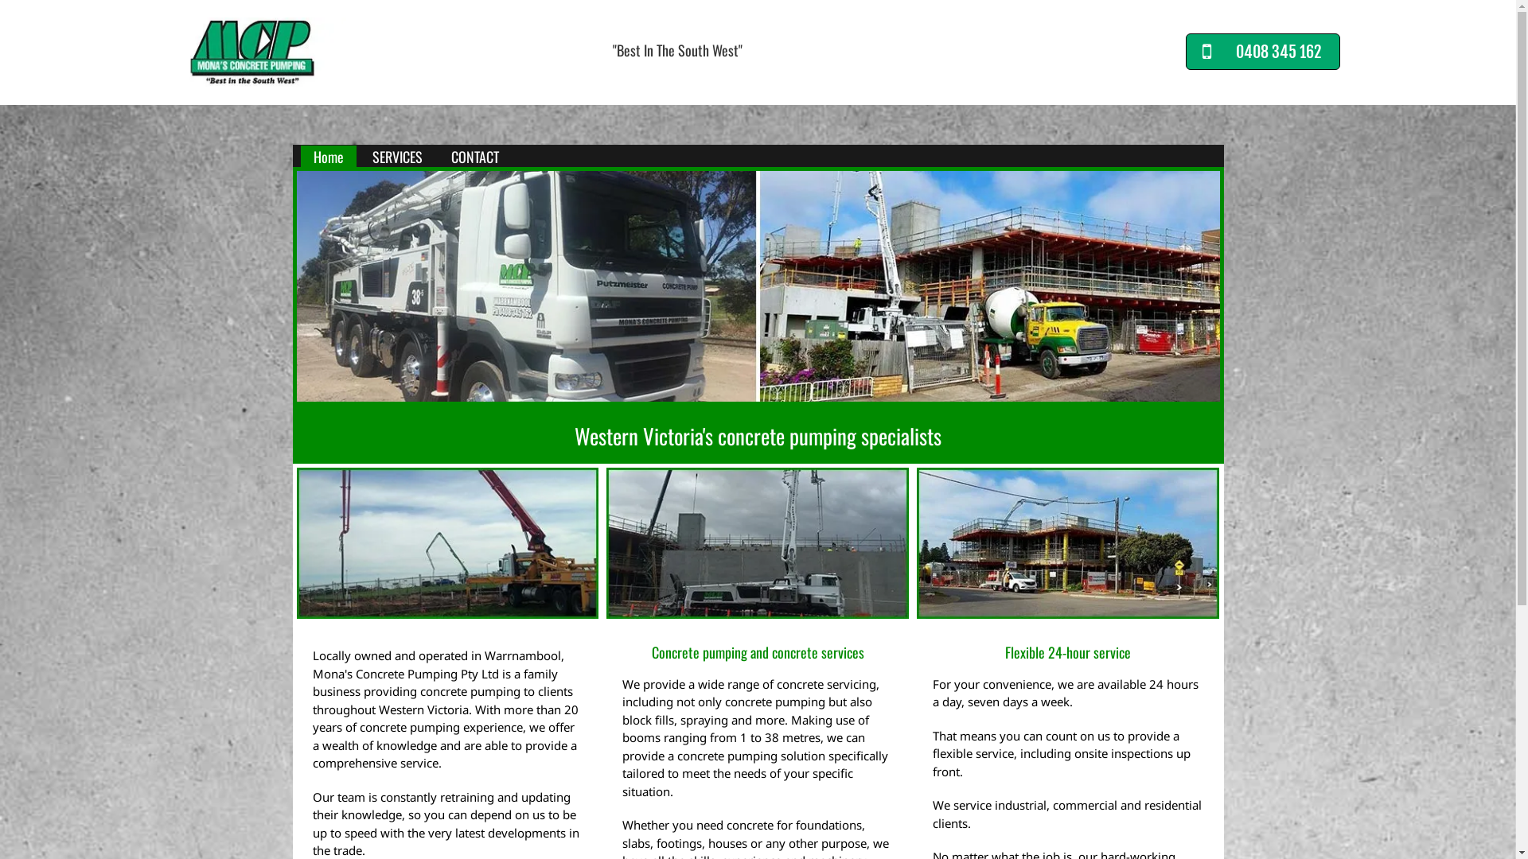 This screenshot has height=859, width=1528. What do you see at coordinates (438, 157) in the screenshot?
I see `'CONTACT'` at bounding box center [438, 157].